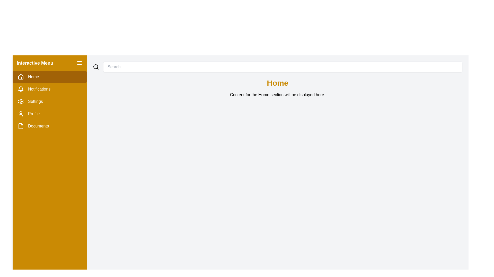 Image resolution: width=494 pixels, height=277 pixels. Describe the element at coordinates (35, 102) in the screenshot. I see `the 'Settings' text label, which is displayed in white over a mustard-yellow background and is the third item in the vertical navigation menu` at that location.